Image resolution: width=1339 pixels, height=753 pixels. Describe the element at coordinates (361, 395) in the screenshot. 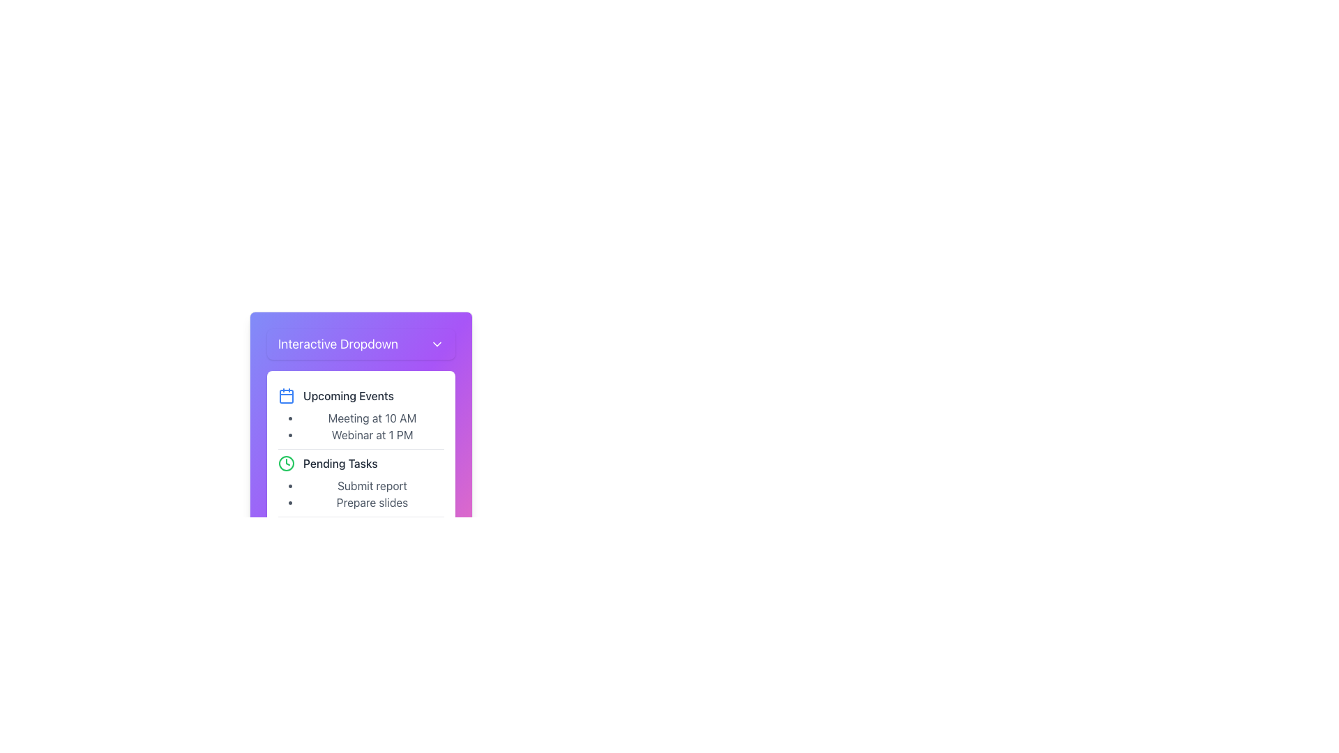

I see `text of the heading label with an icon located at the top of the 'Interactive Dropdown' section, which titles the list of upcoming events` at that location.